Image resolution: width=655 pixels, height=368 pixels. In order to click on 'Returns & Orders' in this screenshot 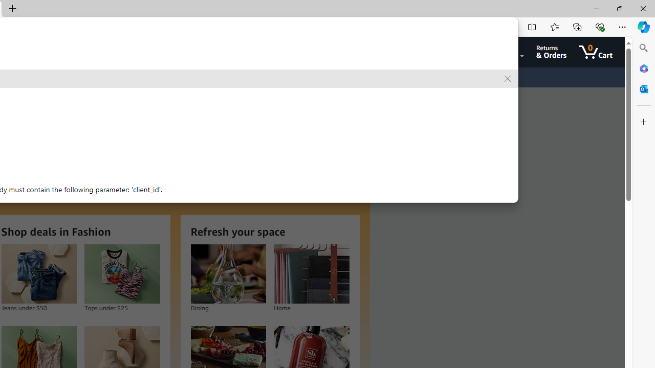, I will do `click(551, 52)`.